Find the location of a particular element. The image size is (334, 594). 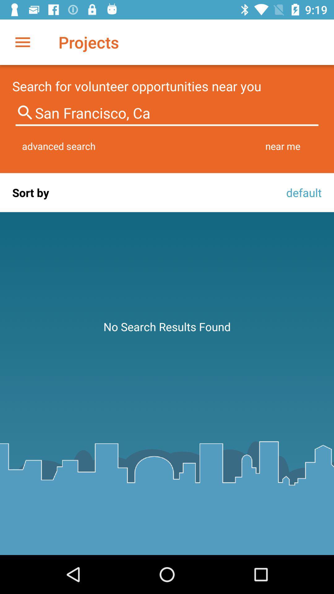

default icon is located at coordinates (302, 192).